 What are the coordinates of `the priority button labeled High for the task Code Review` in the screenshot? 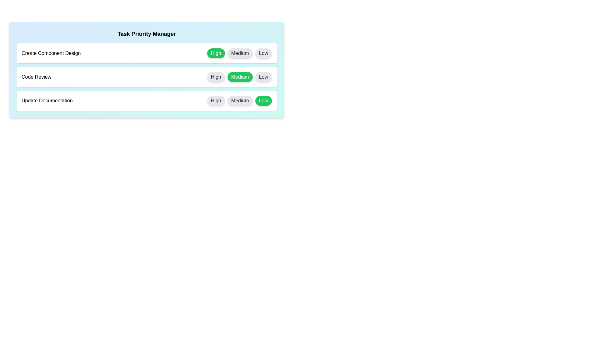 It's located at (216, 76).